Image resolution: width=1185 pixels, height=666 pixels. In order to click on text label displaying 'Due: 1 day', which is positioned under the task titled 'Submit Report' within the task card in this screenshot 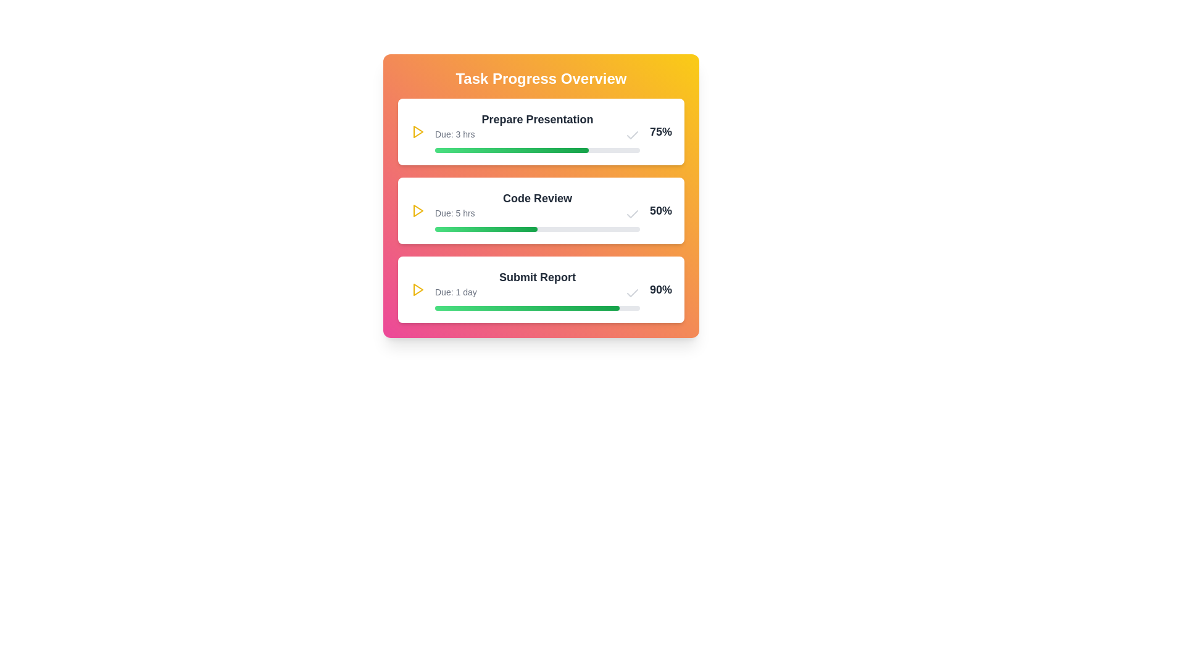, I will do `click(455, 293)`.